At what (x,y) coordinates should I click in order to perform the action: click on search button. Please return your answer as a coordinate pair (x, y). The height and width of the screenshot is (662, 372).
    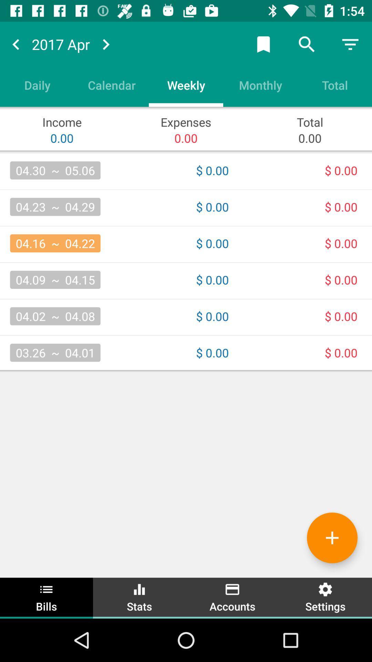
    Looking at the image, I should click on (307, 44).